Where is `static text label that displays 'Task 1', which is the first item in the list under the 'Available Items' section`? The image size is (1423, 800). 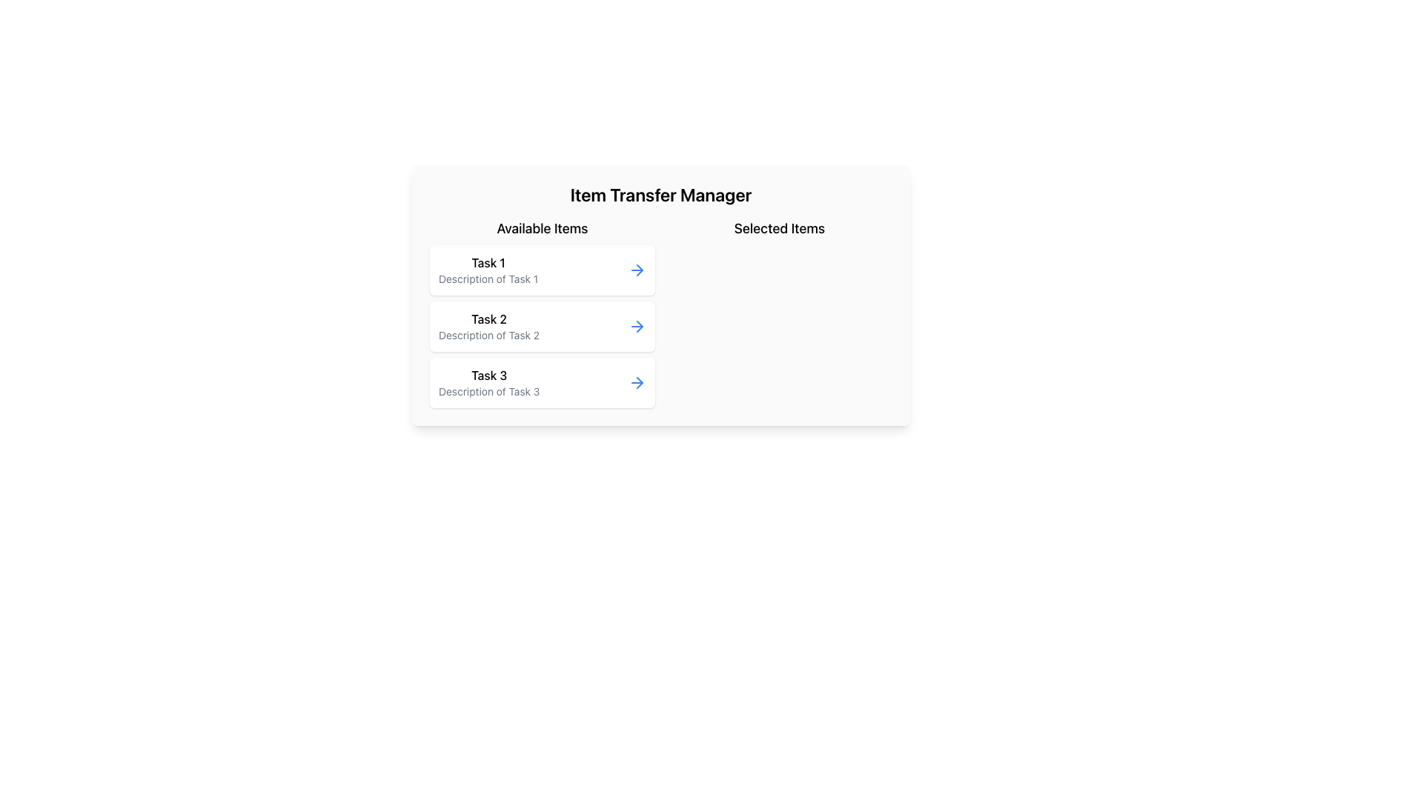
static text label that displays 'Task 1', which is the first item in the list under the 'Available Items' section is located at coordinates (488, 261).